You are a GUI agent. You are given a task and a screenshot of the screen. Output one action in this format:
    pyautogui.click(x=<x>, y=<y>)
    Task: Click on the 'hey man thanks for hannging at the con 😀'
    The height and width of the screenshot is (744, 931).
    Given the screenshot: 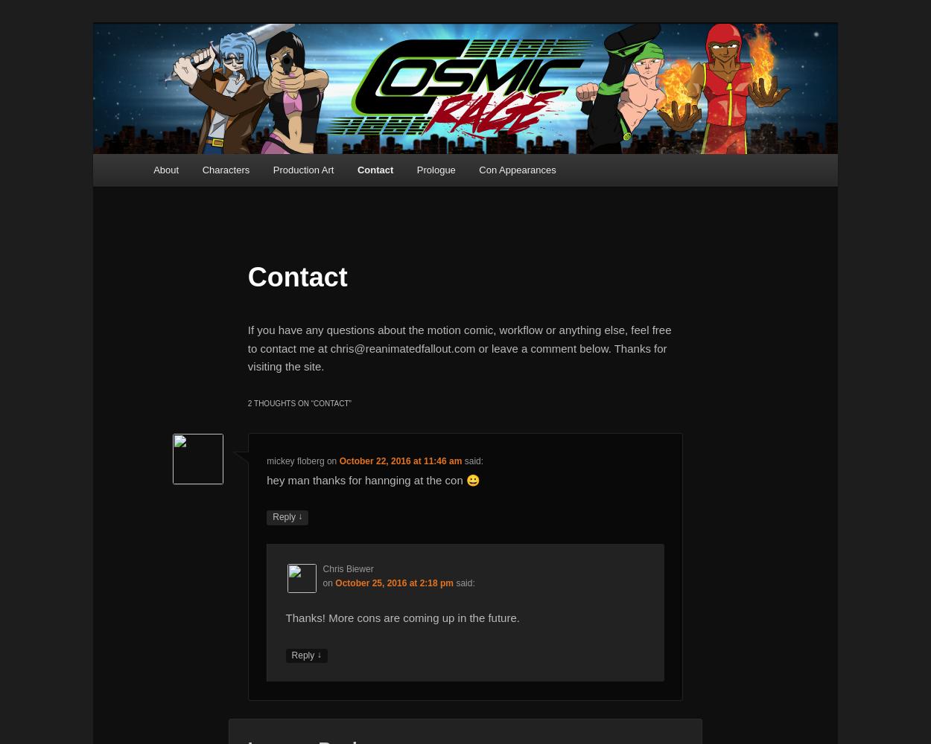 What is the action you would take?
    pyautogui.click(x=373, y=479)
    